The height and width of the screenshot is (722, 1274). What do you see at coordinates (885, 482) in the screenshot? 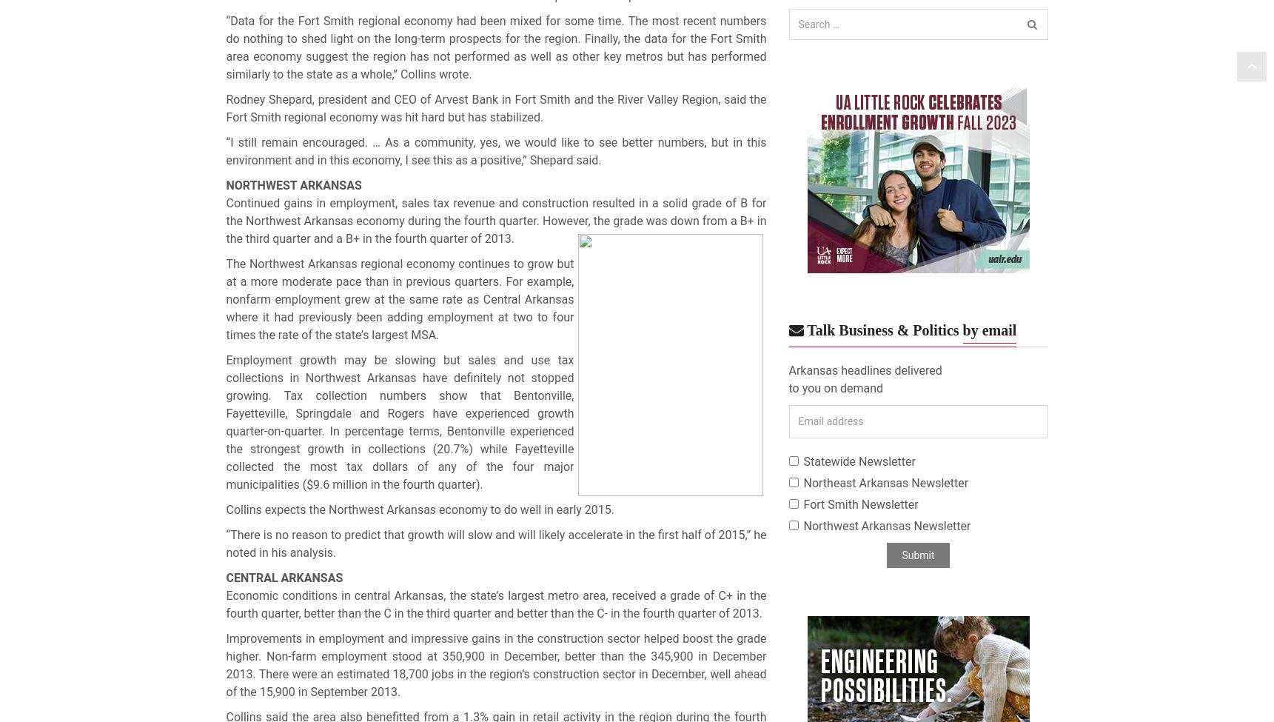
I see `'Northeast Arkansas Newsletter'` at bounding box center [885, 482].